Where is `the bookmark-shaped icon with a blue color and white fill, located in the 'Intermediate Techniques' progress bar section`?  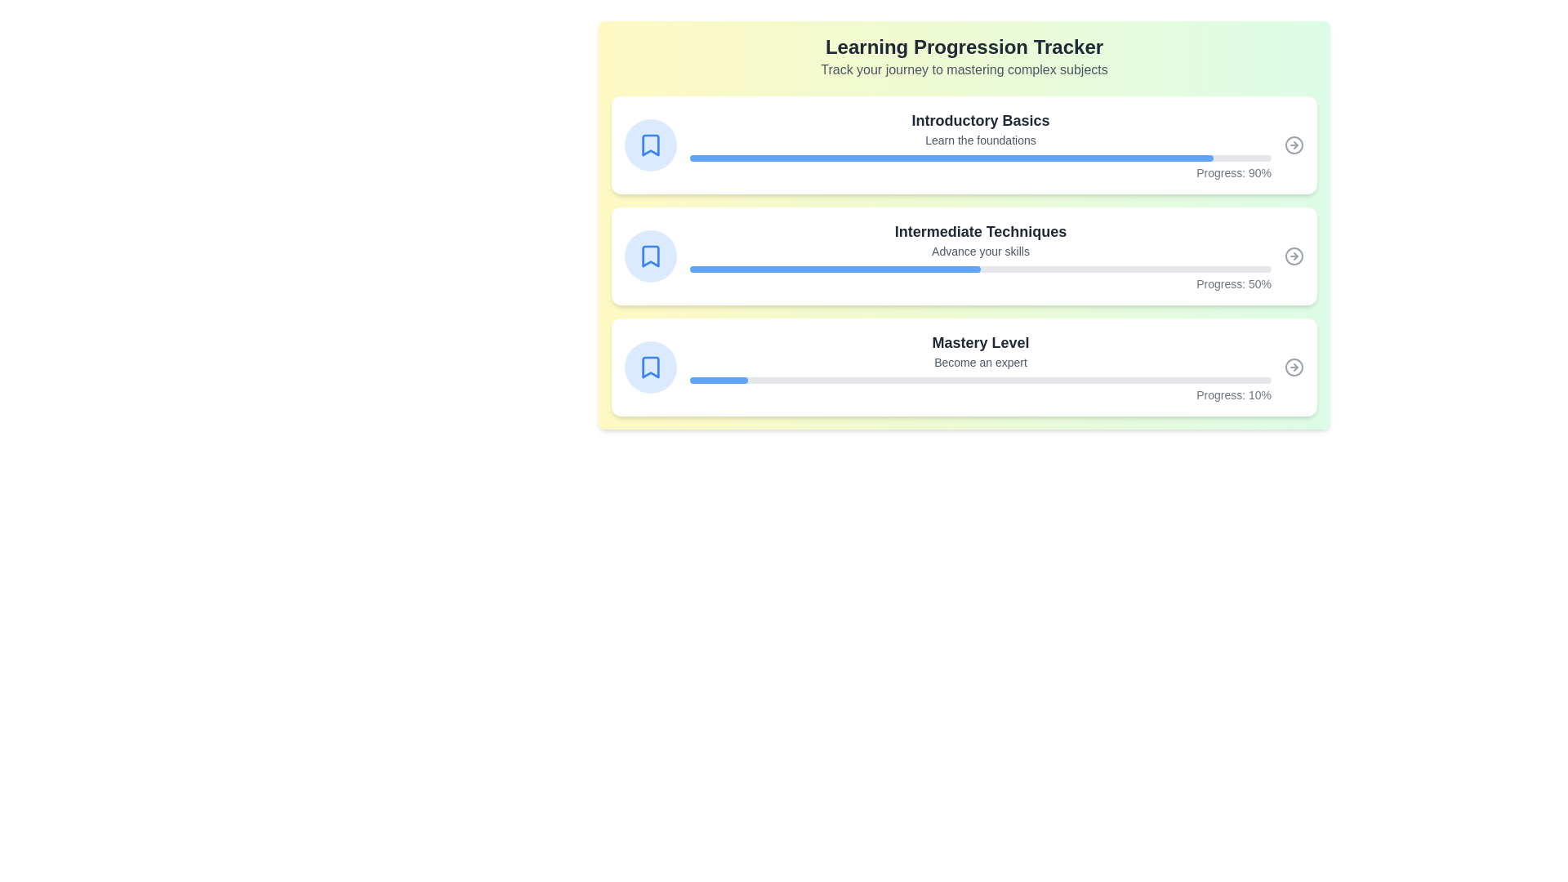 the bookmark-shaped icon with a blue color and white fill, located in the 'Intermediate Techniques' progress bar section is located at coordinates (649, 256).